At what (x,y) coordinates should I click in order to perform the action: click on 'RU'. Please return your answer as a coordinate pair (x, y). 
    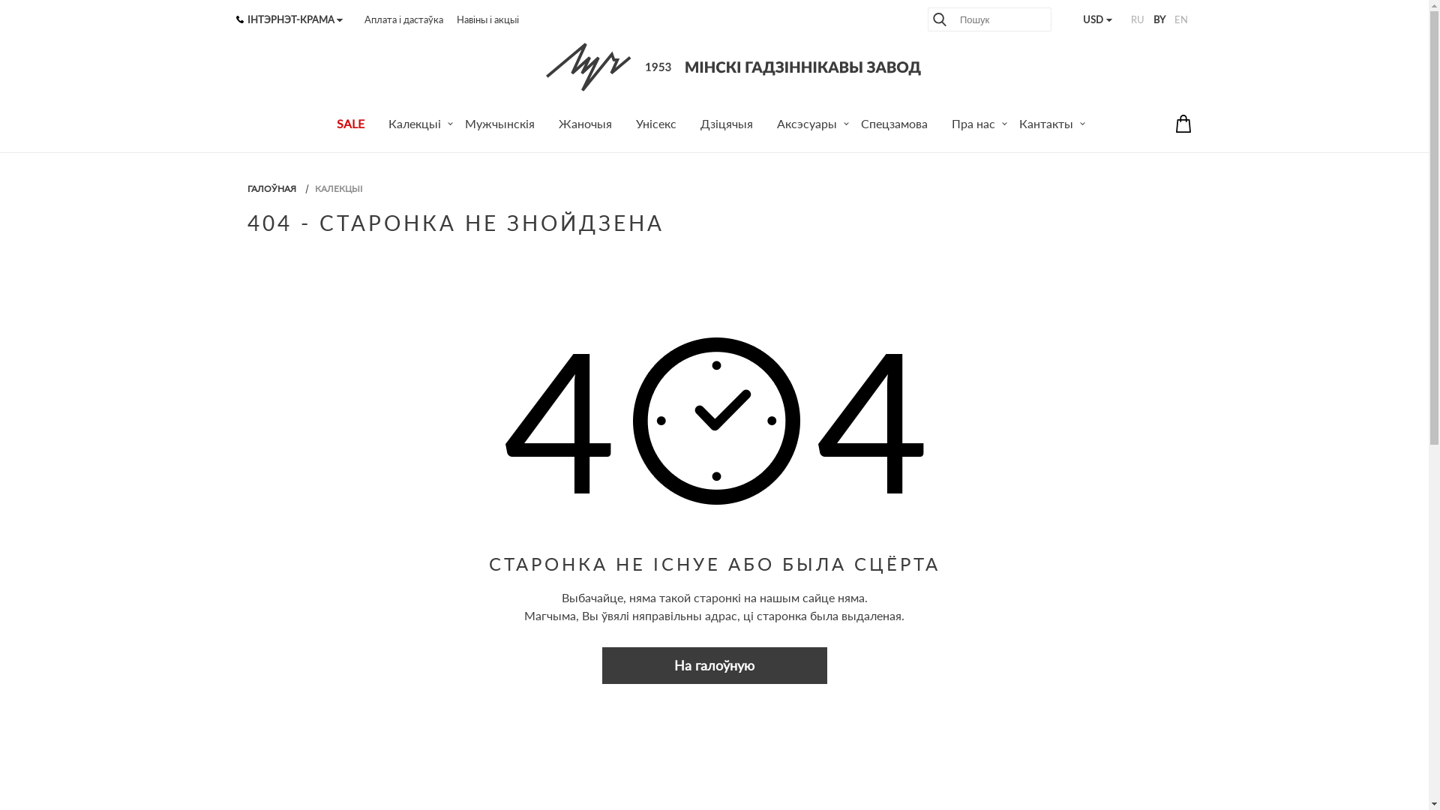
    Looking at the image, I should click on (1137, 19).